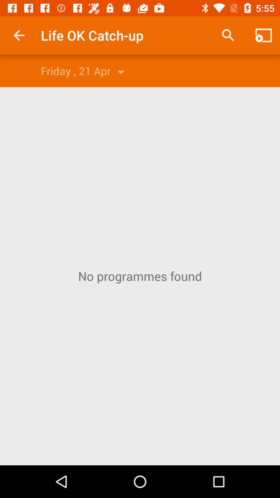 The width and height of the screenshot is (280, 498). What do you see at coordinates (19, 35) in the screenshot?
I see `the icon above friday , 21 apr  icon` at bounding box center [19, 35].